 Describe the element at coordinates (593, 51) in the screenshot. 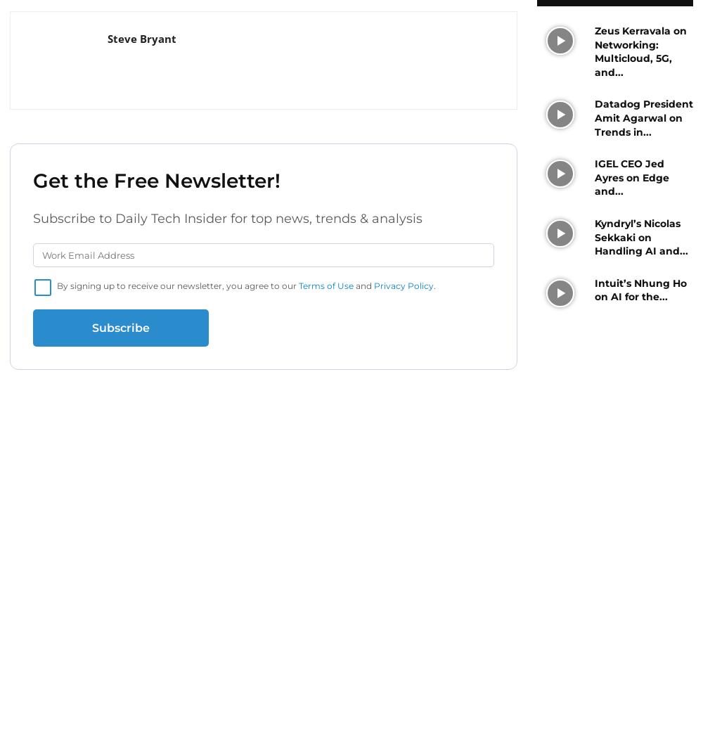

I see `'Zeus Kerravala on Networking: Multicloud, 5G, and...'` at that location.